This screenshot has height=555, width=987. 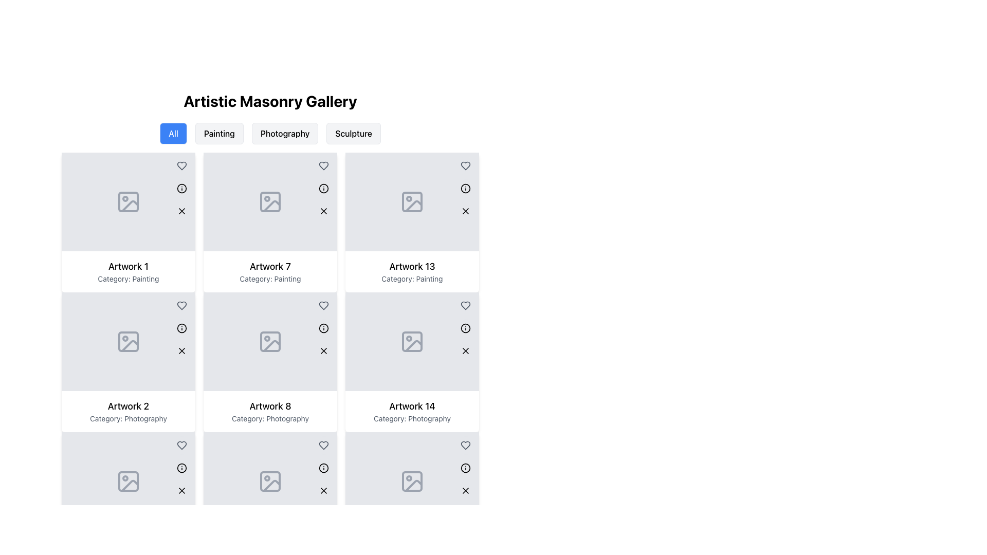 I want to click on Image placeholder located in the 'Artwork 2' section under the 'Photography' category, which is represented by a light gray rectangular area with an image icon inside, so click(x=127, y=341).